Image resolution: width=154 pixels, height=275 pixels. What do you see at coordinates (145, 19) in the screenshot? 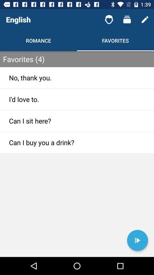
I see `the item above favorites (4) icon` at bounding box center [145, 19].